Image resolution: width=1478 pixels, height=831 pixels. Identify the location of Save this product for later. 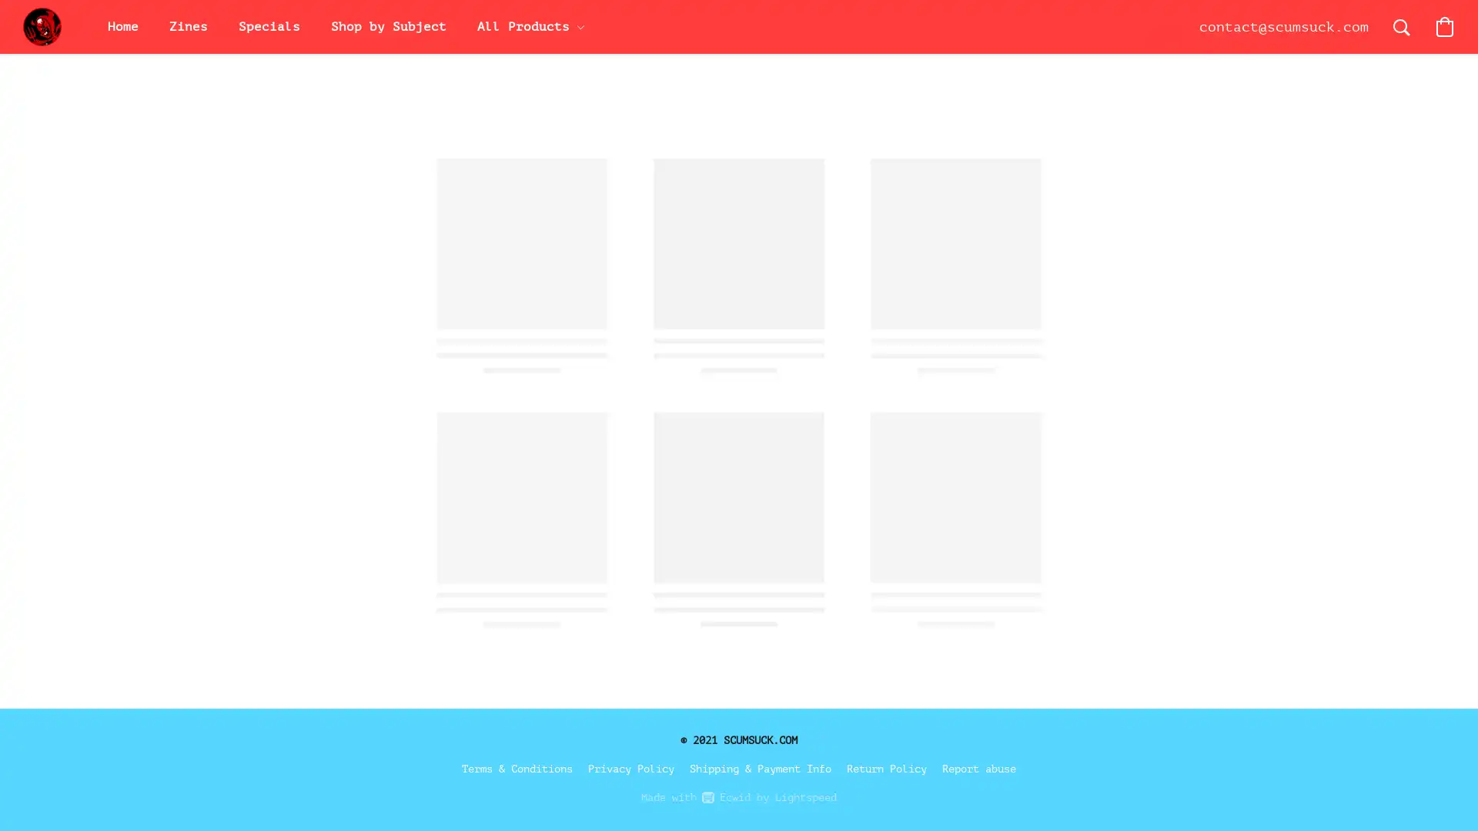
(955, 476).